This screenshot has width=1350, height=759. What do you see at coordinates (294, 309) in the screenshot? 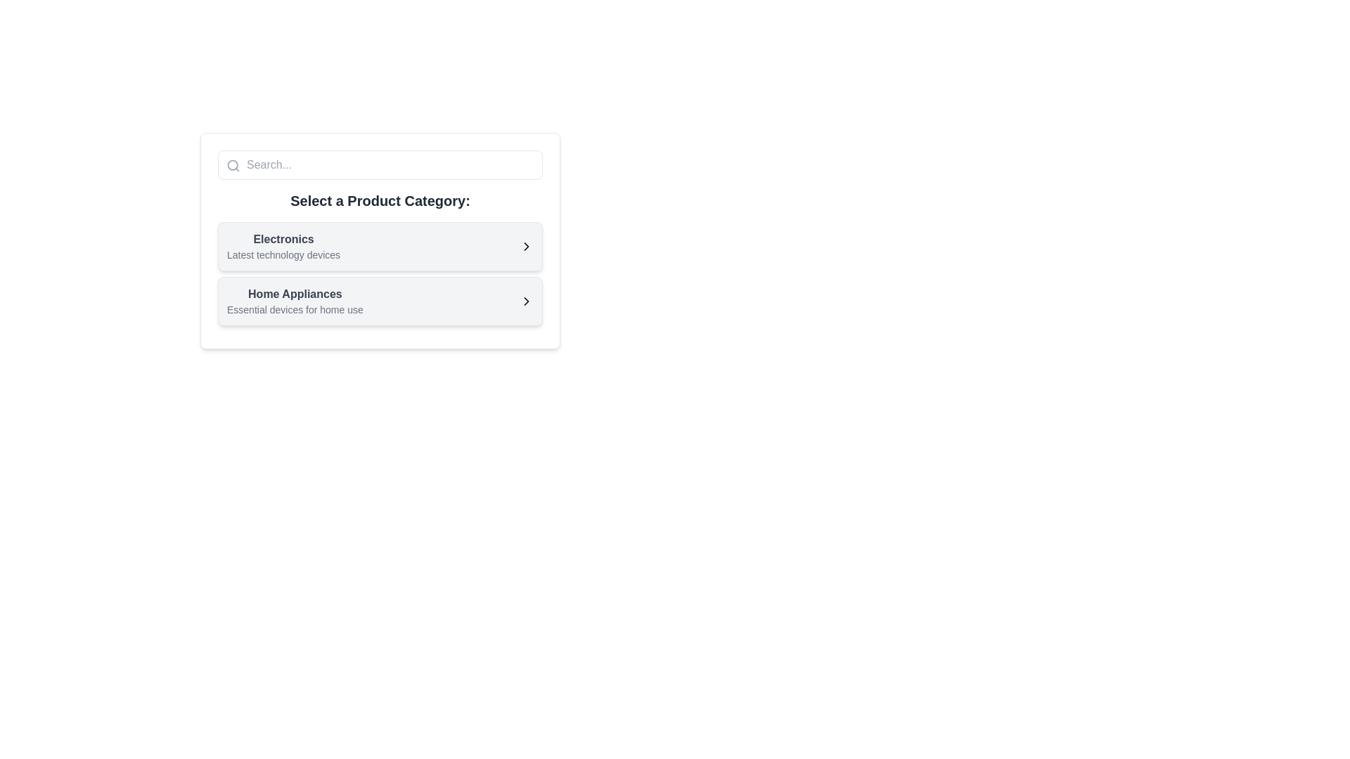
I see `the text label (subtitle) that reads 'Essential devices for home use', located beneath the heading 'Home Appliances' in the second list item of the vertically stacked menu` at bounding box center [294, 309].